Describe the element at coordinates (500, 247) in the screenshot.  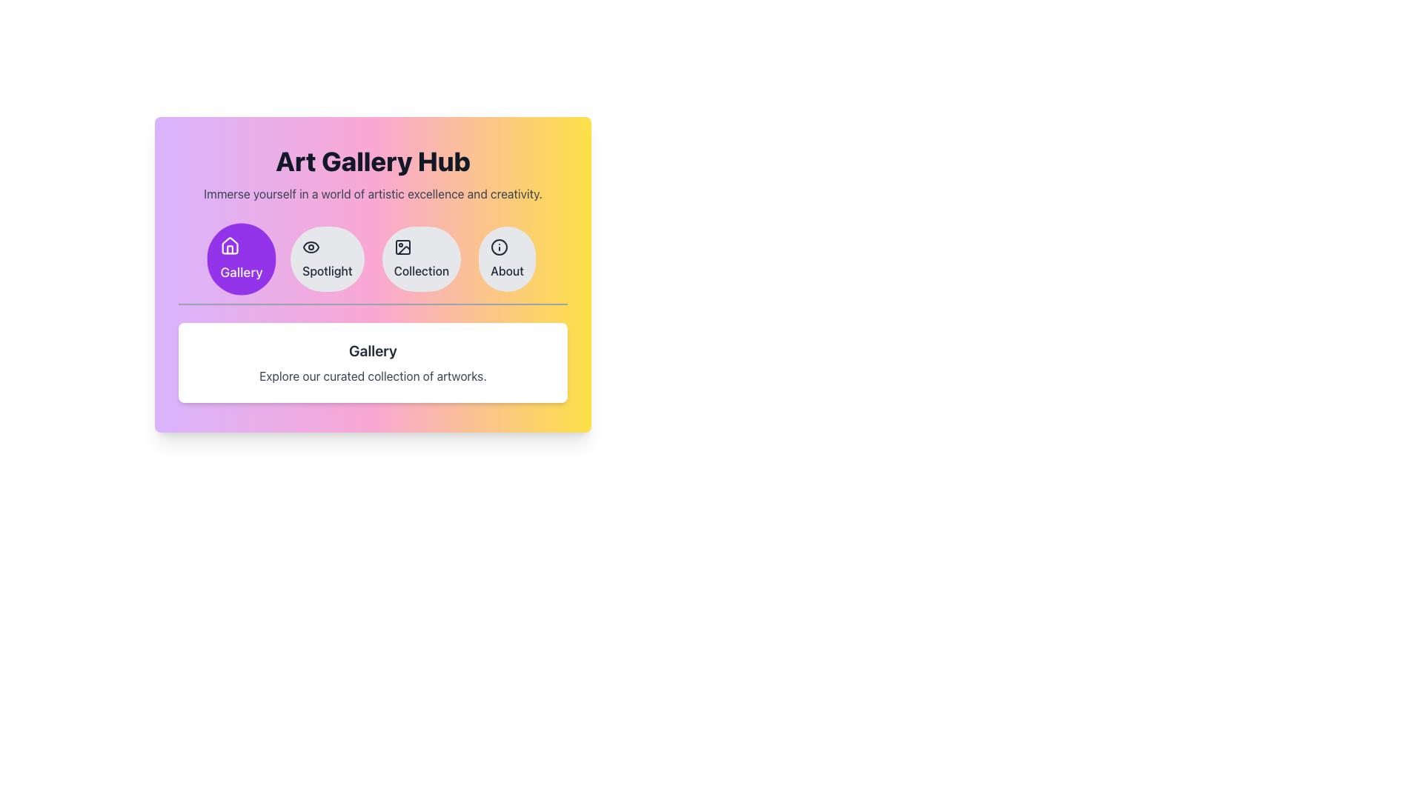
I see `the circular SVG shape representing information within the 'About' button of the icon layout` at that location.